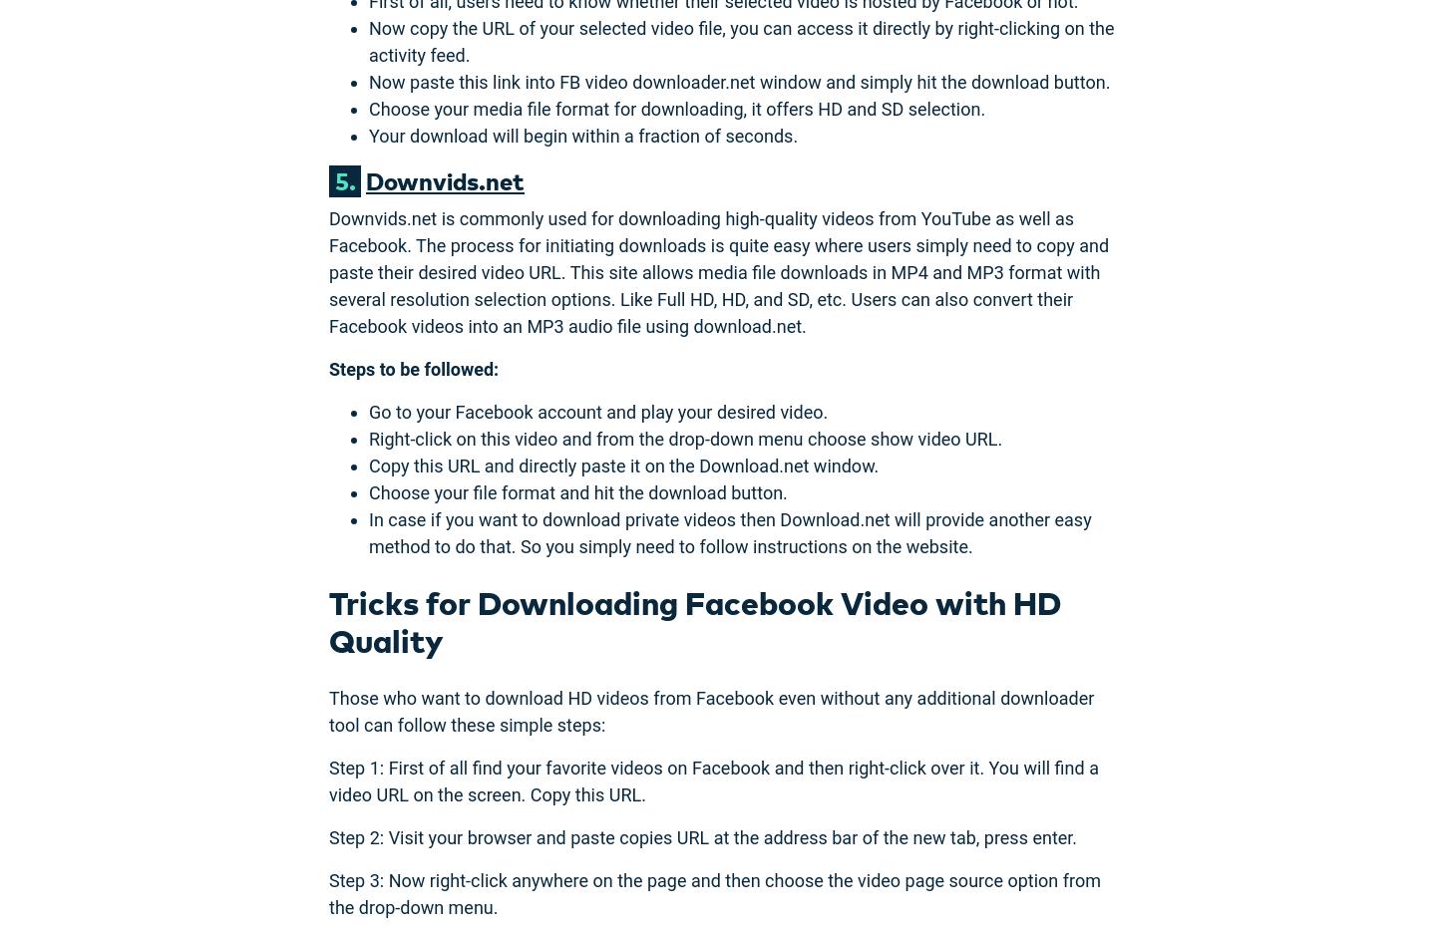  Describe the element at coordinates (364, 178) in the screenshot. I see `'Downvids.net'` at that location.